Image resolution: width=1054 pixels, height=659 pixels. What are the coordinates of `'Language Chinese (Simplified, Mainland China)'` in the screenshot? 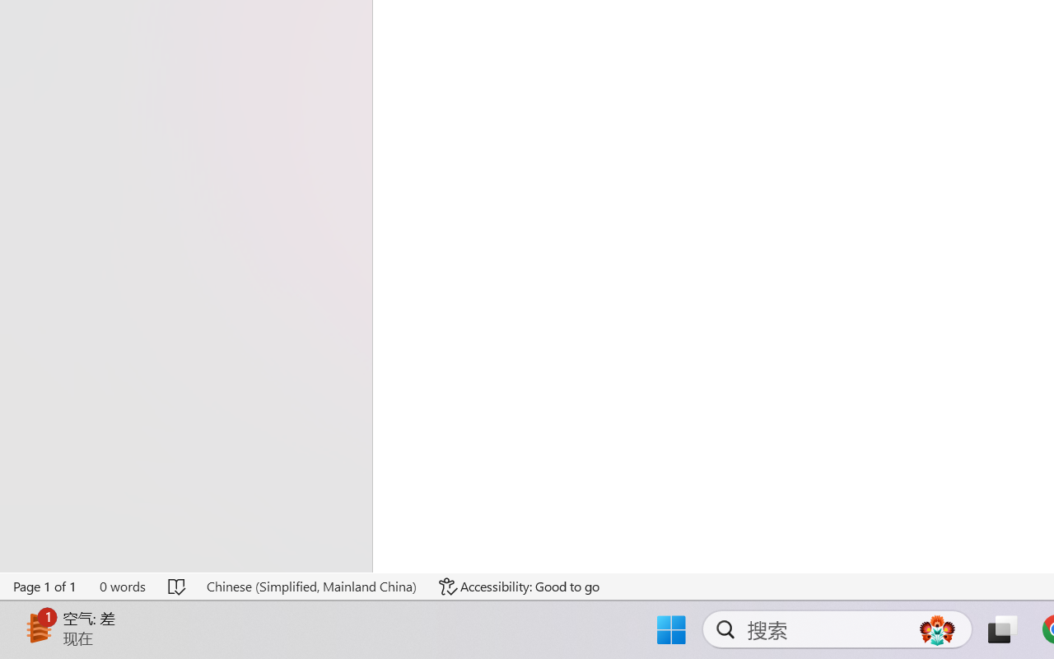 It's located at (311, 586).